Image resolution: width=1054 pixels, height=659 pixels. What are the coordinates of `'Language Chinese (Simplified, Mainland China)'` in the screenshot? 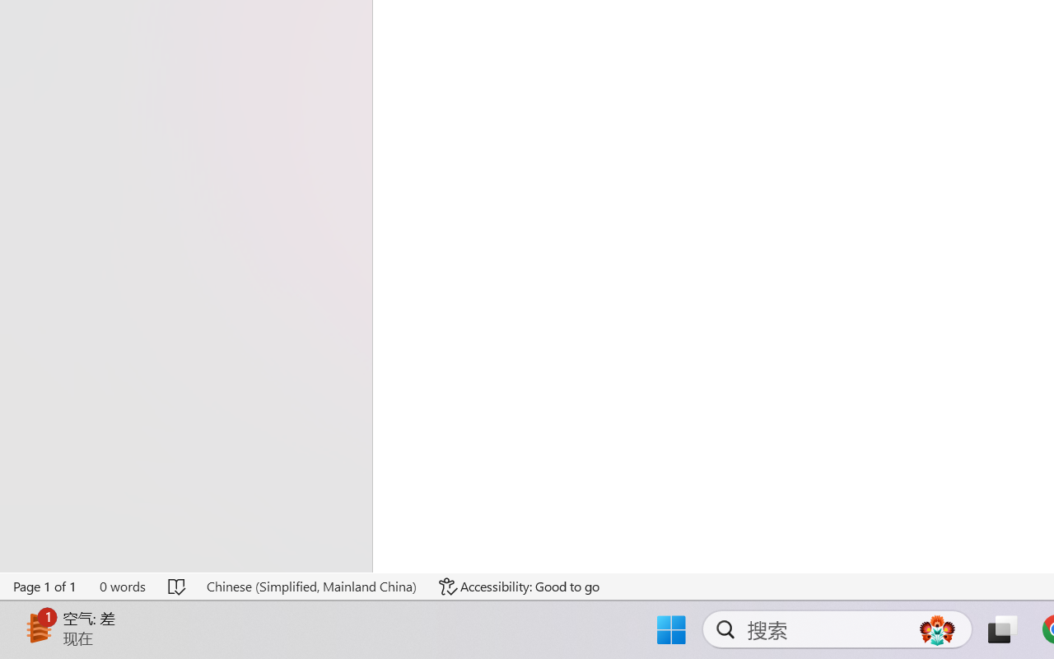 It's located at (311, 586).